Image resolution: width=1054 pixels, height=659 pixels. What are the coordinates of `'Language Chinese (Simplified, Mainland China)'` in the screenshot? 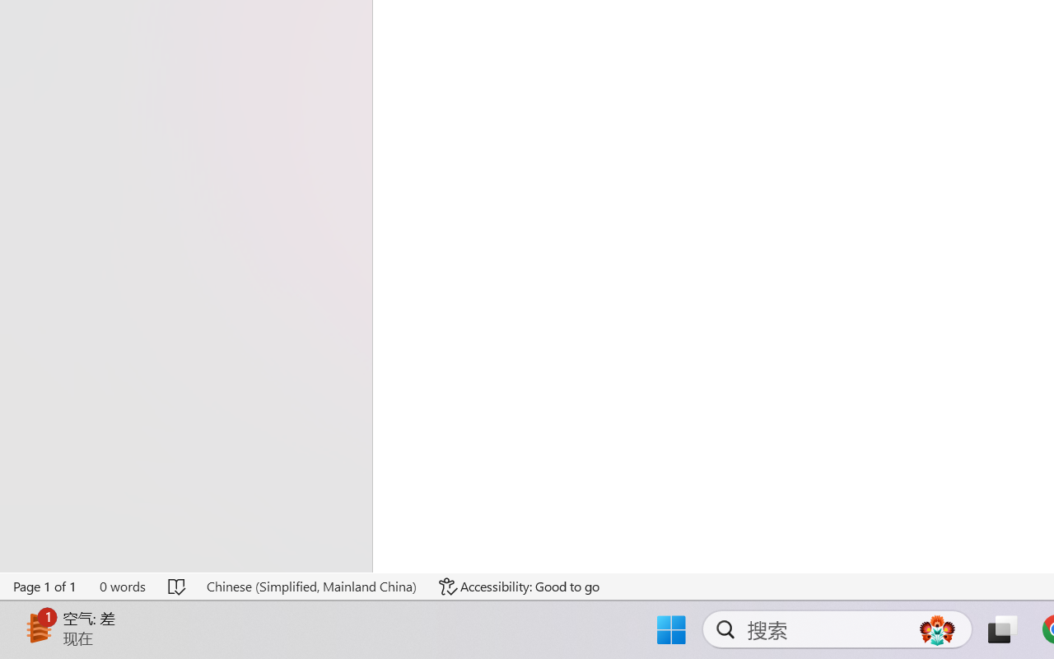 It's located at (311, 586).